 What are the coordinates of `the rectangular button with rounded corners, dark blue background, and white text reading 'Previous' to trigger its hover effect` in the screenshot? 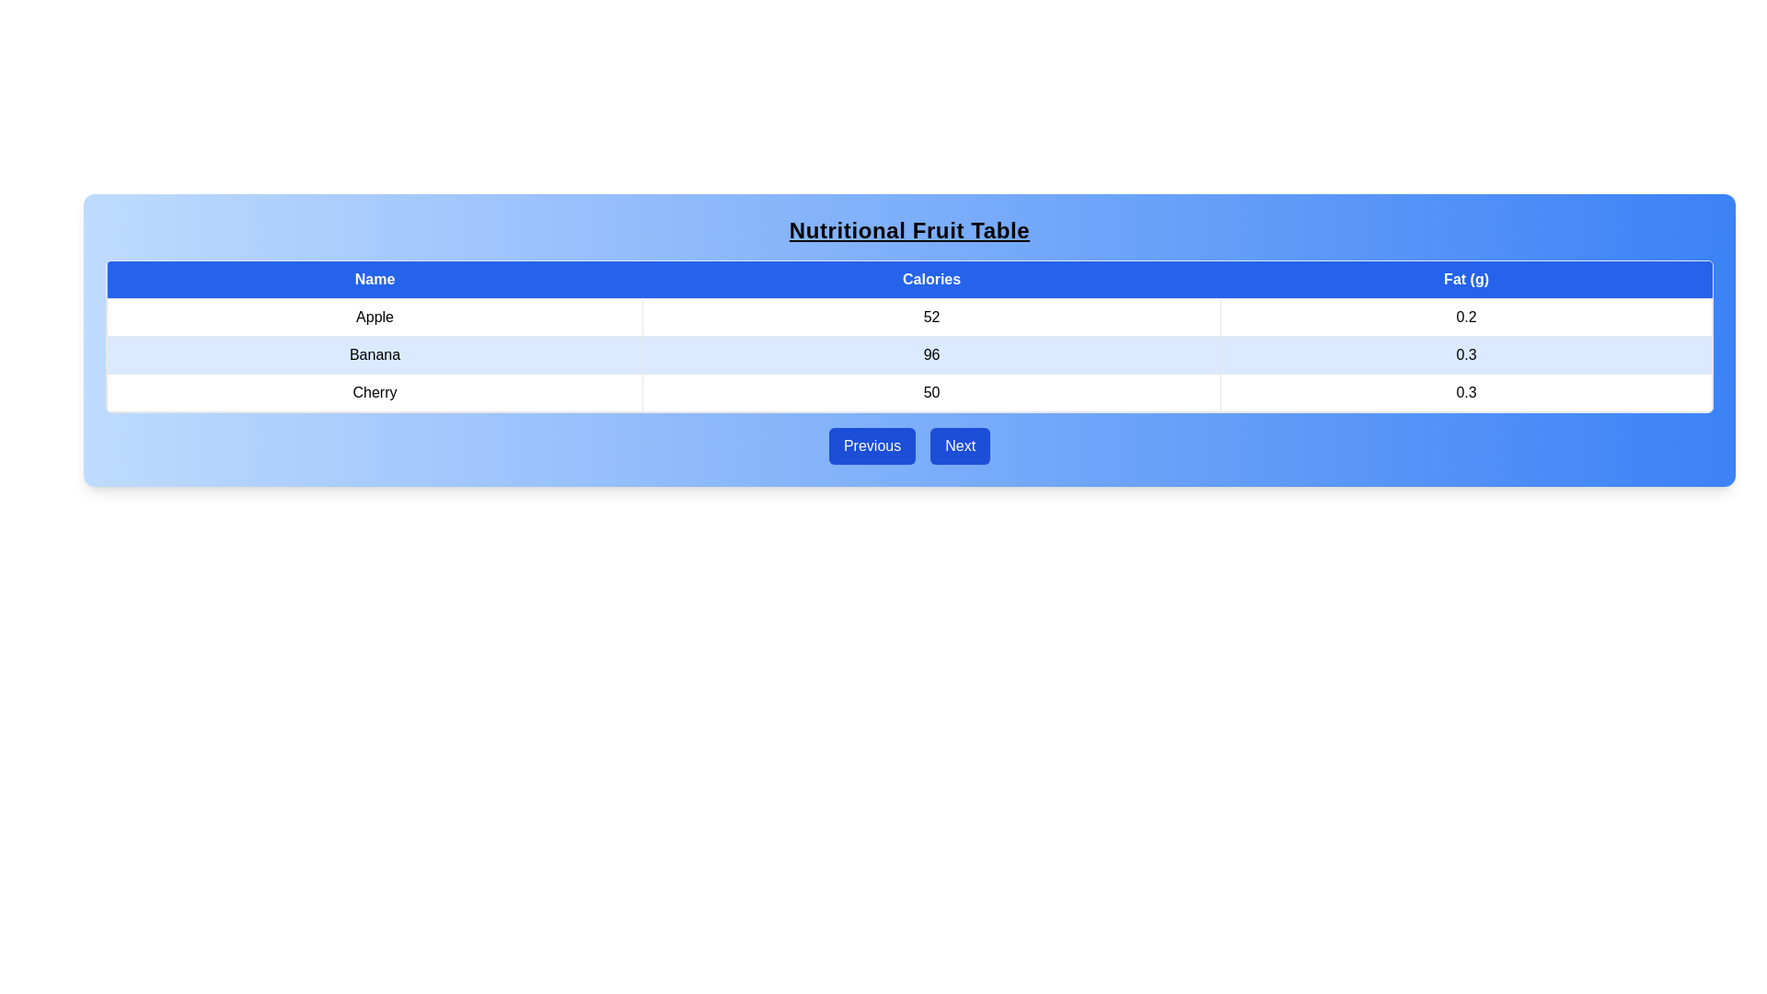 It's located at (872, 446).